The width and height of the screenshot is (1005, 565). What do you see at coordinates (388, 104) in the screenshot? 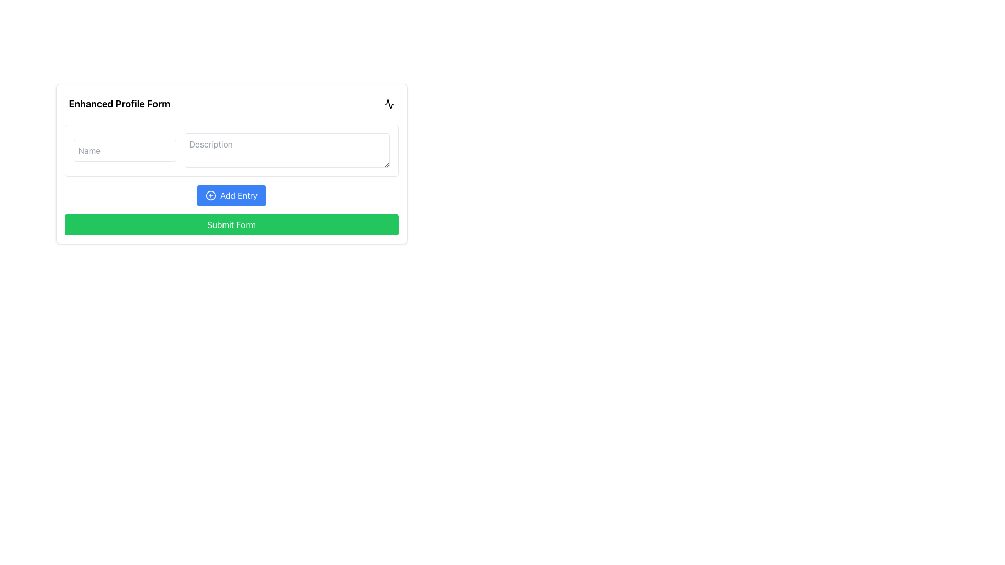
I see `the SVG icon in the top-right corner of the 'Enhanced Profile Form' header if its functionality is implemented` at bounding box center [388, 104].